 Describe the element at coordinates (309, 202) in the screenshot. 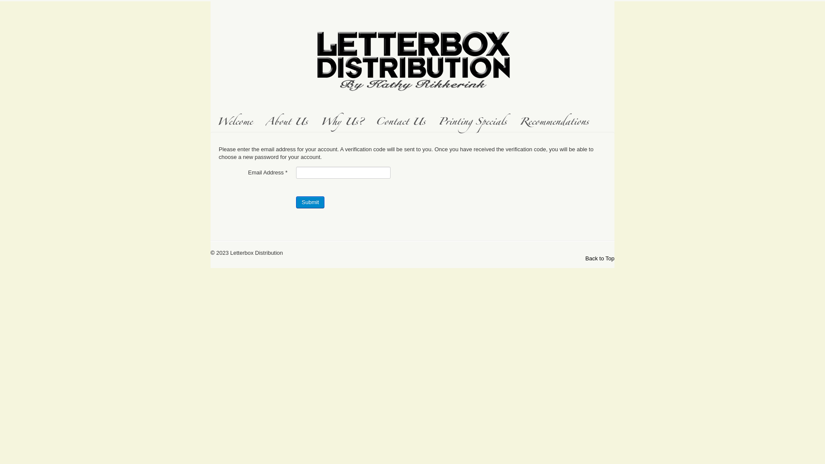

I see `'Submit'` at that location.